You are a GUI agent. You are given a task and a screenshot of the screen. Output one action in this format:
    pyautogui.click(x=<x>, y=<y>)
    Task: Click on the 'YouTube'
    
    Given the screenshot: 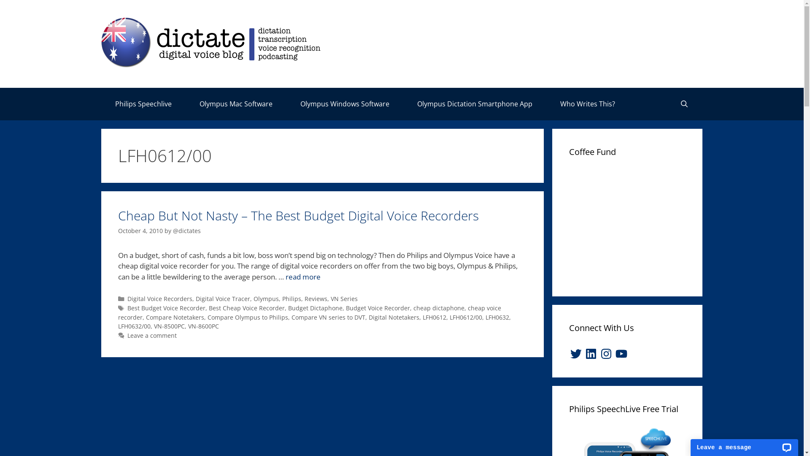 What is the action you would take?
    pyautogui.click(x=615, y=353)
    